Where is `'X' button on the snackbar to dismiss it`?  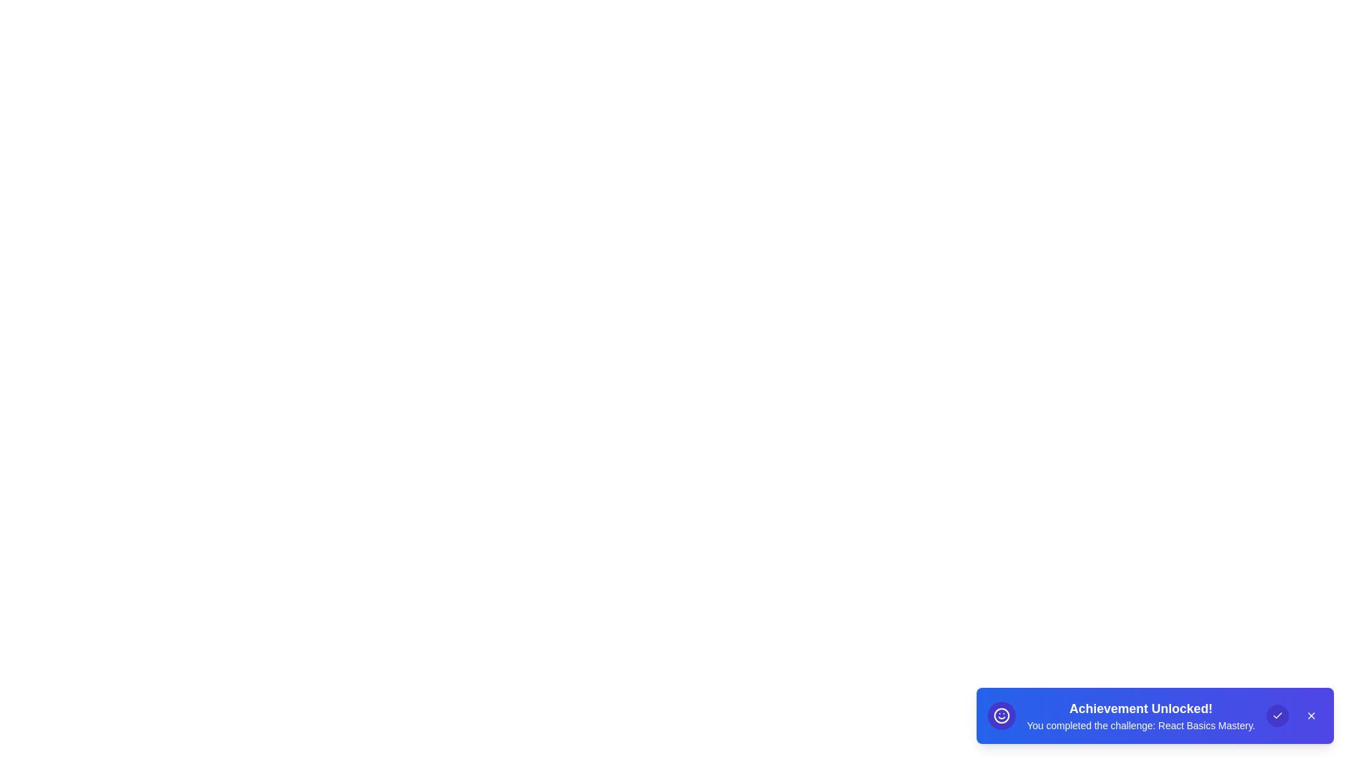 'X' button on the snackbar to dismiss it is located at coordinates (1310, 715).